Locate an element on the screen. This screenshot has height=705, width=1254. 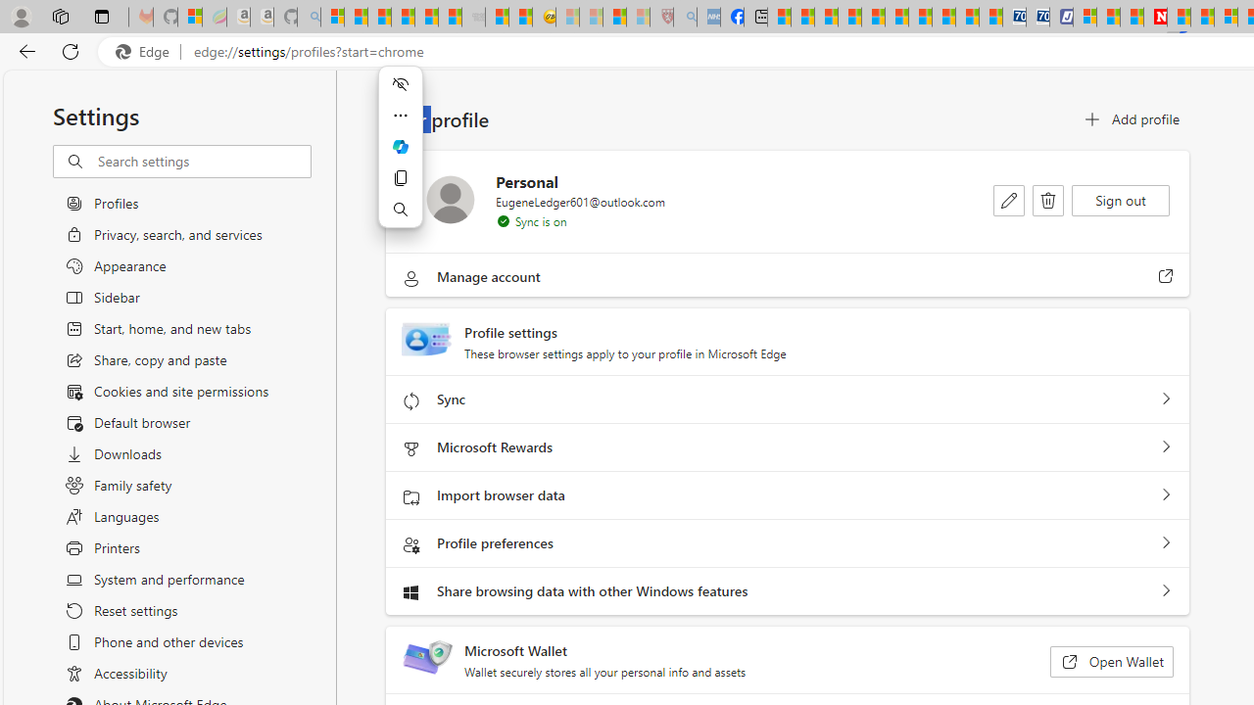
'Ask Copilot' is located at coordinates (399, 146).